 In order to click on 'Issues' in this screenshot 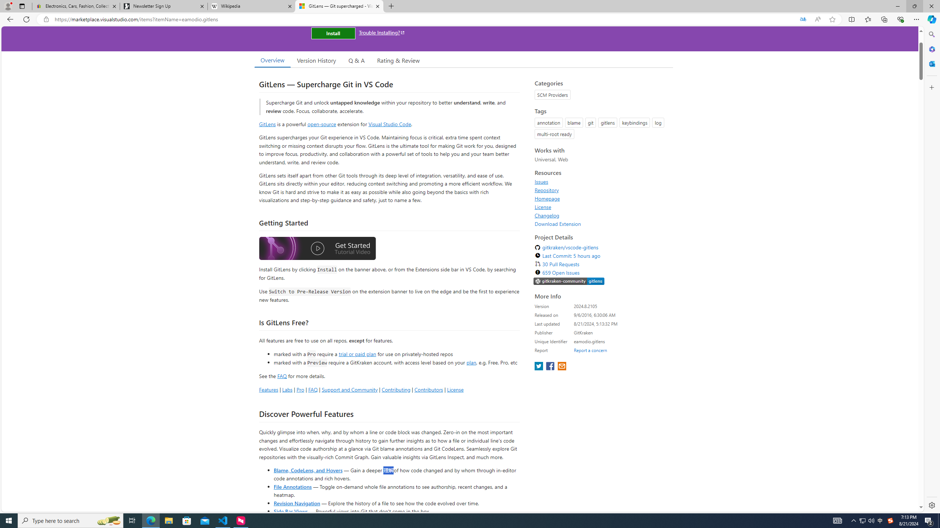, I will do `click(601, 181)`.